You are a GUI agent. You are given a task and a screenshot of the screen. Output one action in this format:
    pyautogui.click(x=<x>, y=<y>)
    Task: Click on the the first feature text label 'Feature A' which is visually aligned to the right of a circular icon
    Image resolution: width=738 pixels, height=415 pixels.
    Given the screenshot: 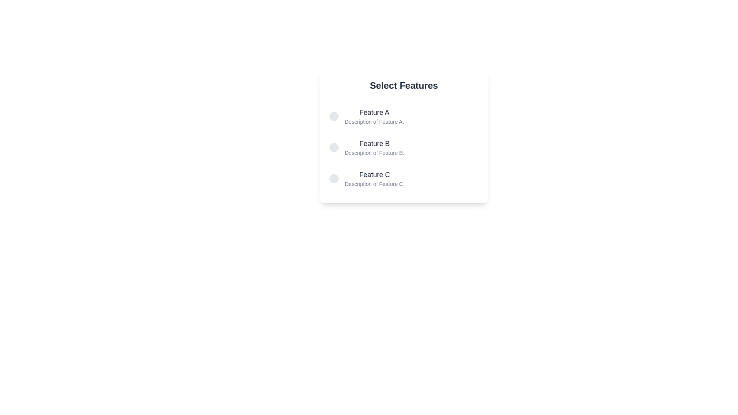 What is the action you would take?
    pyautogui.click(x=374, y=116)
    